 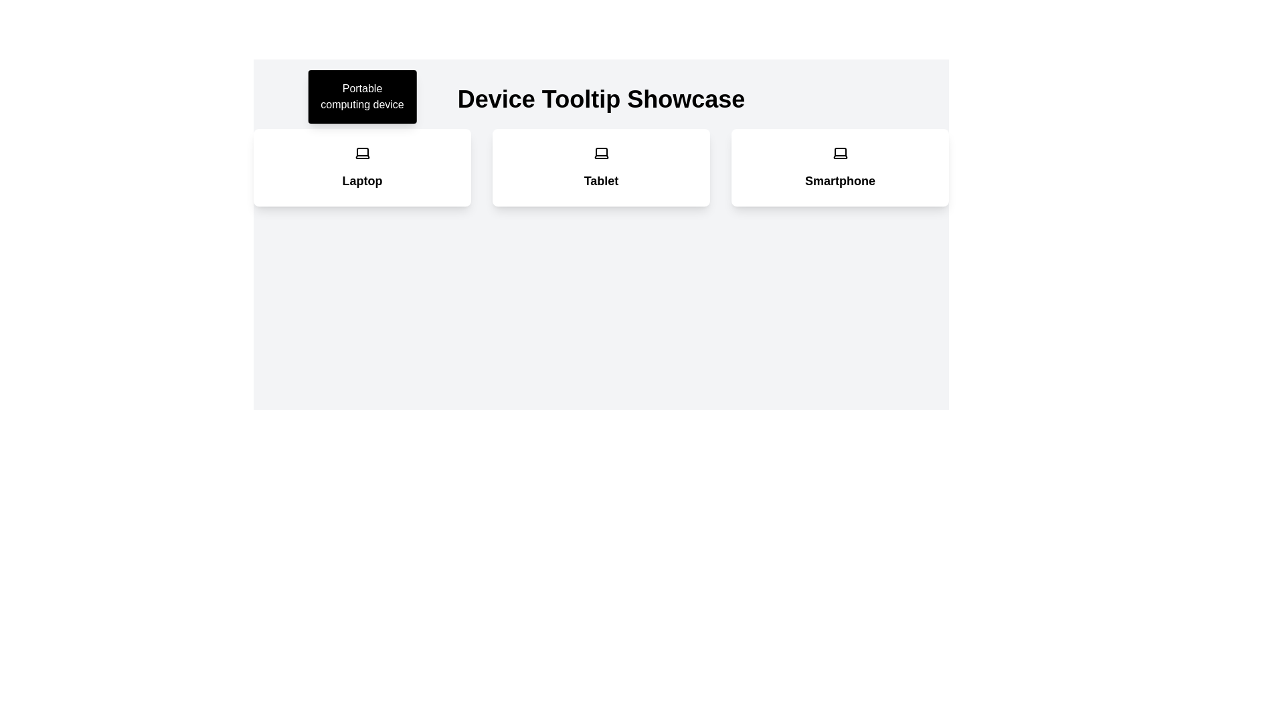 What do you see at coordinates (600, 152) in the screenshot?
I see `the central tablet icon in the three-button group, which visually represents a tablet device and is positioned above the 'Tablet' label` at bounding box center [600, 152].